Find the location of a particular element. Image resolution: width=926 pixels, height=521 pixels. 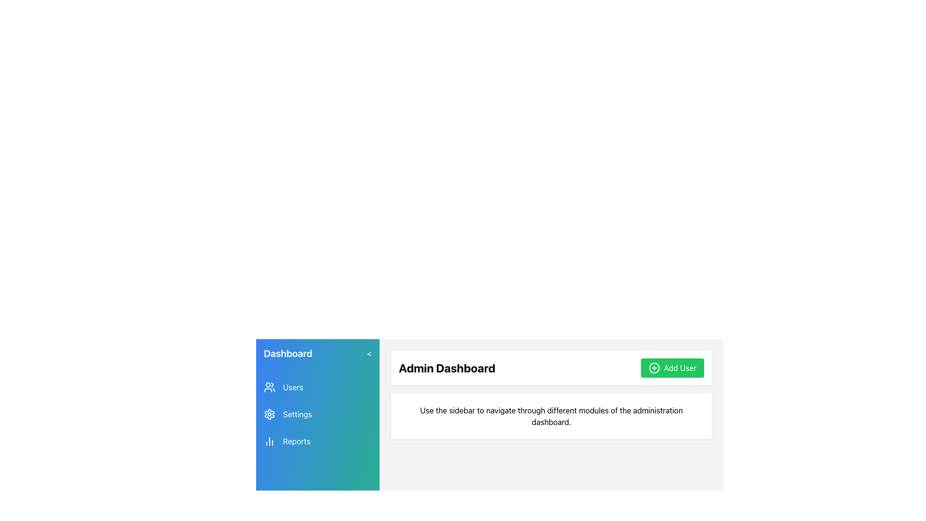

the 'Users' icon in the navigation sidebar is located at coordinates (269, 386).